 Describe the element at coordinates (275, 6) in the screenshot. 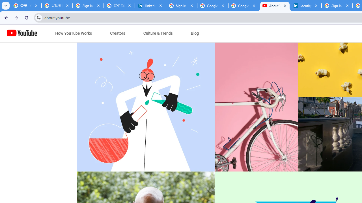

I see `'About YouTube - YouTube'` at that location.